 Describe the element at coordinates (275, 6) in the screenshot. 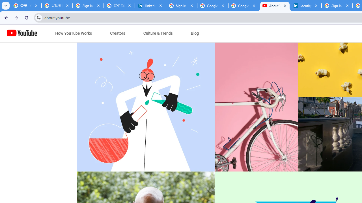

I see `'About YouTube - YouTube'` at that location.